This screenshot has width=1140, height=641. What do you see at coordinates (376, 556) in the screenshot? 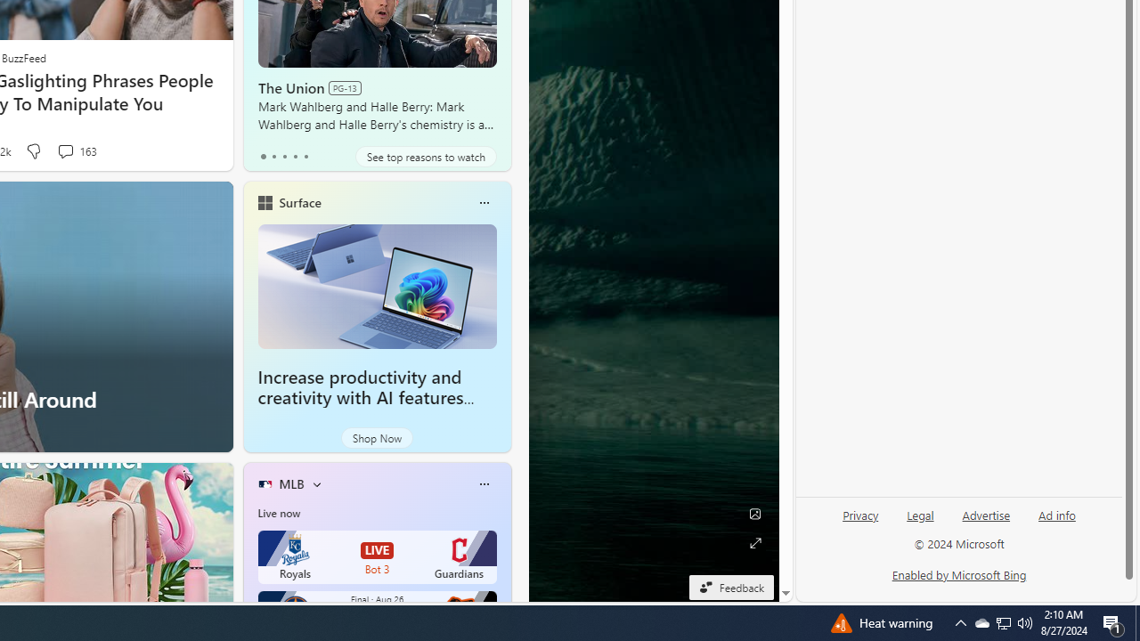
I see `'Royals LIVE Bot 3 Guardians'` at bounding box center [376, 556].